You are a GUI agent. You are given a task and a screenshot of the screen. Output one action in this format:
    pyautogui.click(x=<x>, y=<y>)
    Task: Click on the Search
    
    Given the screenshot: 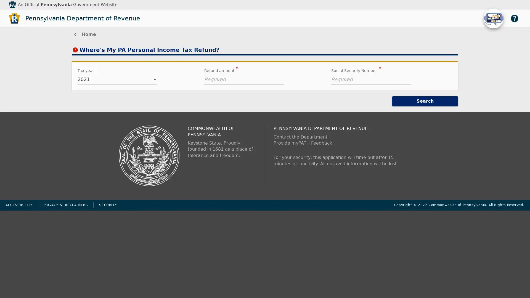 What is the action you would take?
    pyautogui.click(x=425, y=101)
    